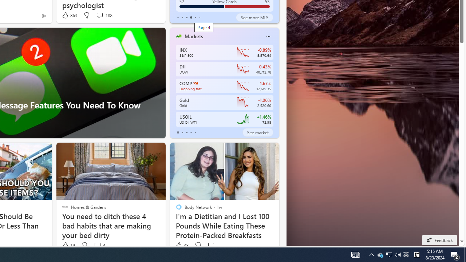  I want to click on 'tab-4', so click(195, 132).